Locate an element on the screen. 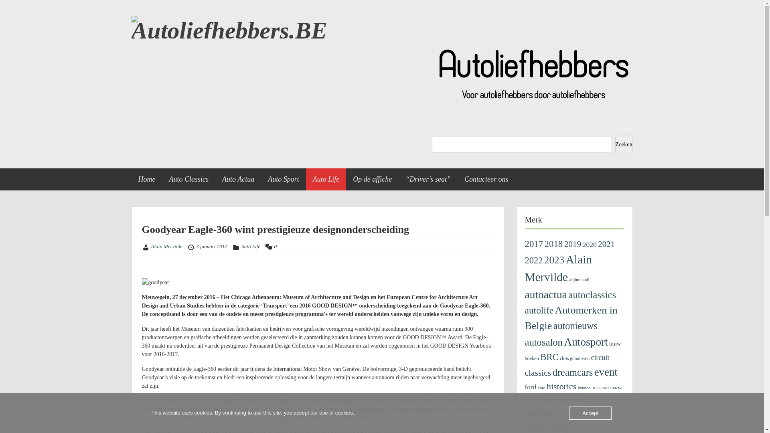 Image resolution: width=770 pixels, height=433 pixels. 'maserati' is located at coordinates (601, 387).